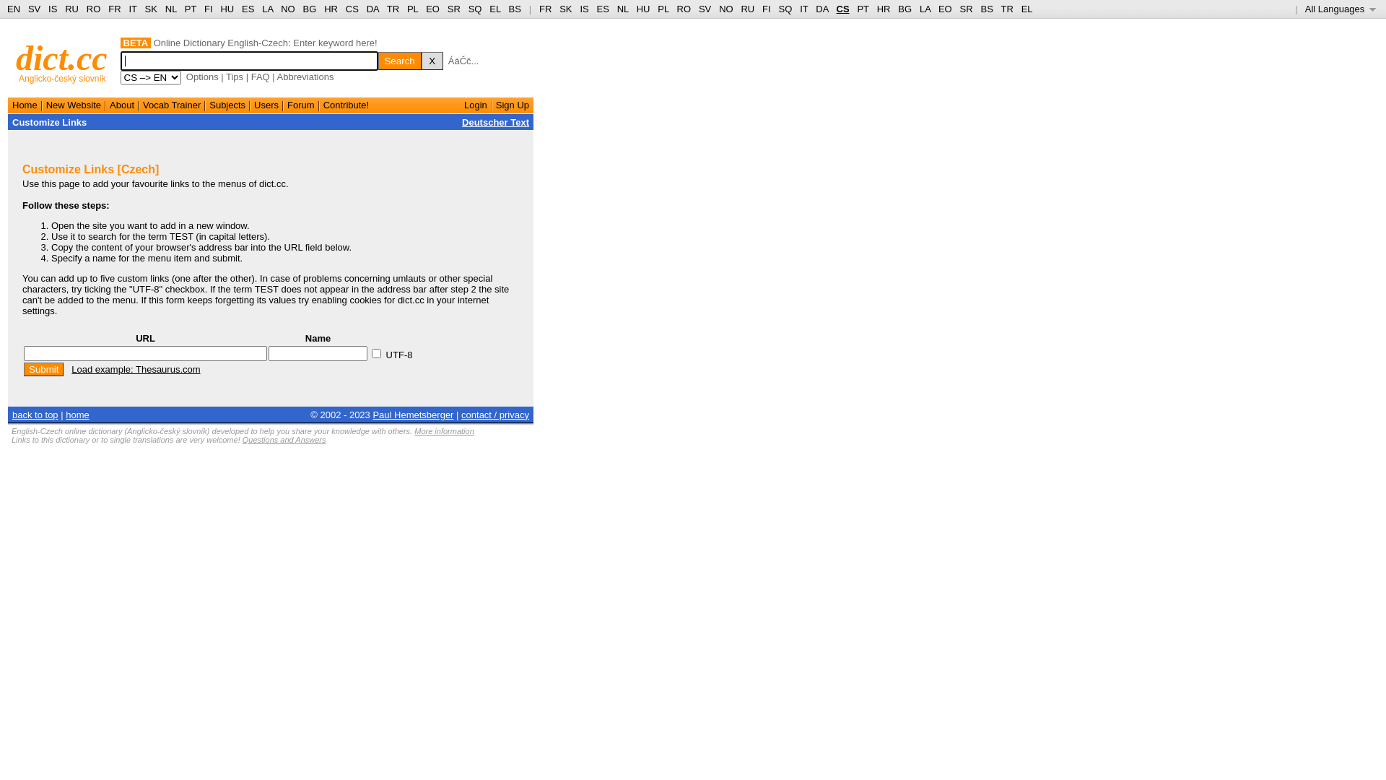 The width and height of the screenshot is (1386, 780). What do you see at coordinates (201, 77) in the screenshot?
I see `'Options'` at bounding box center [201, 77].